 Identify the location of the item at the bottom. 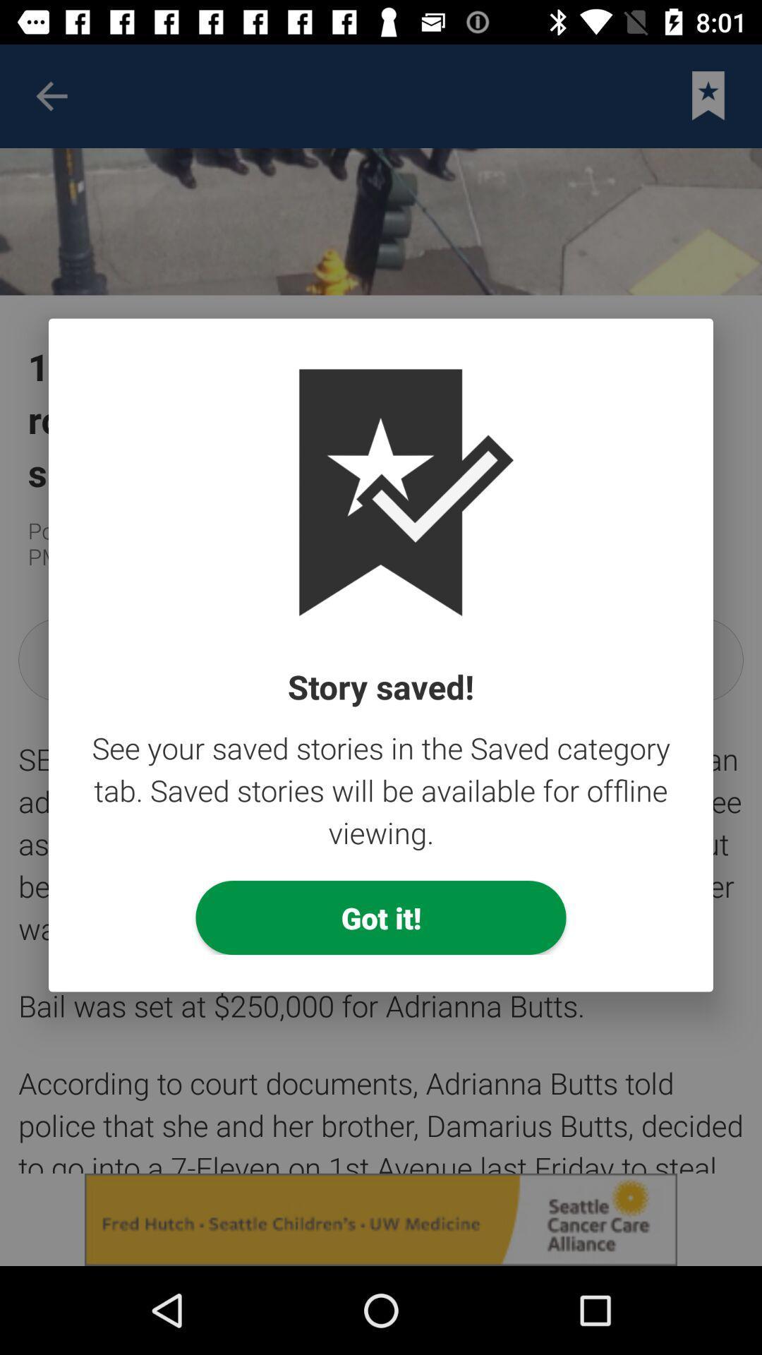
(381, 917).